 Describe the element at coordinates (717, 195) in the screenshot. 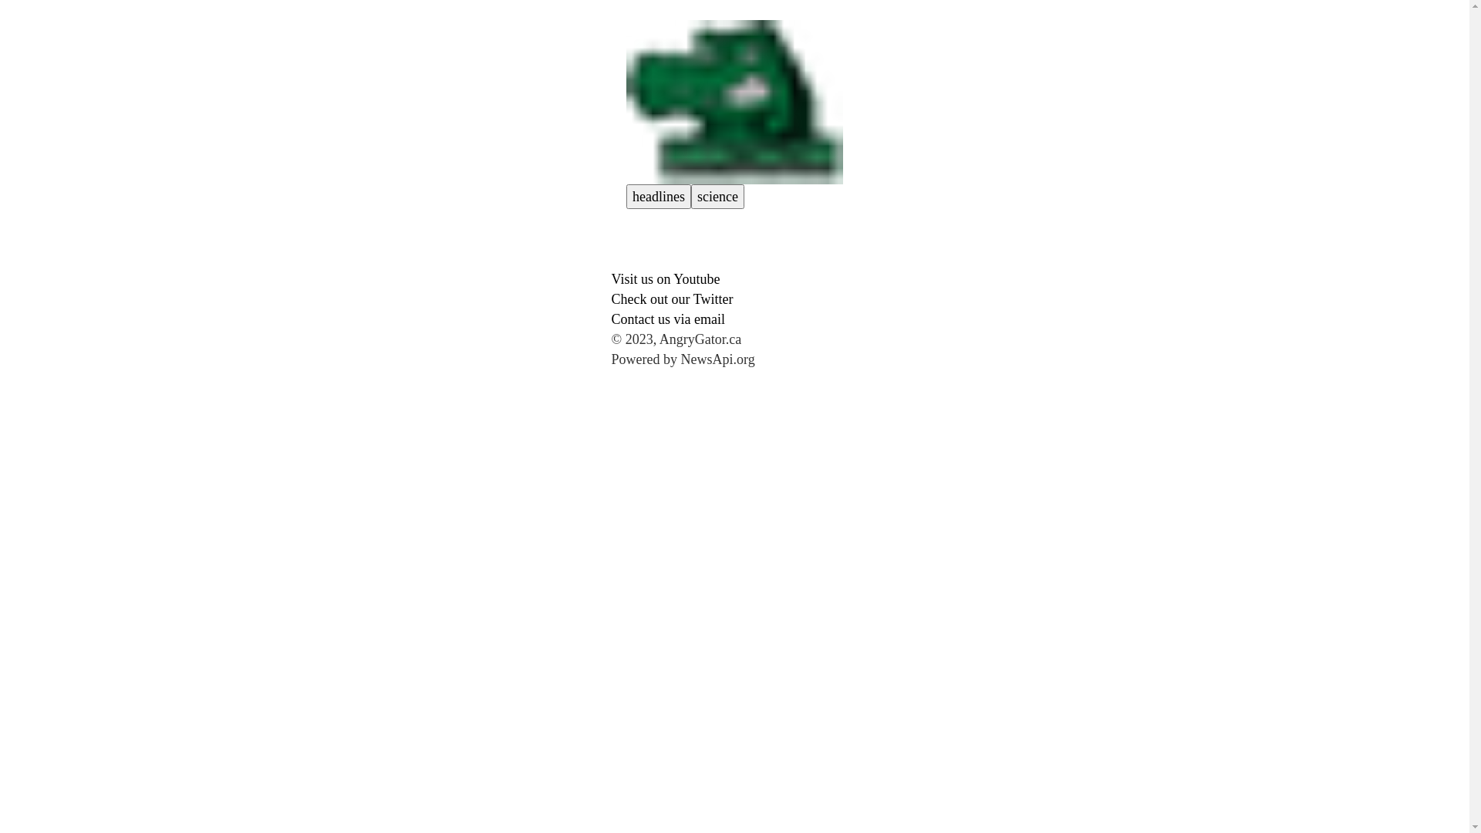

I see `'science'` at that location.